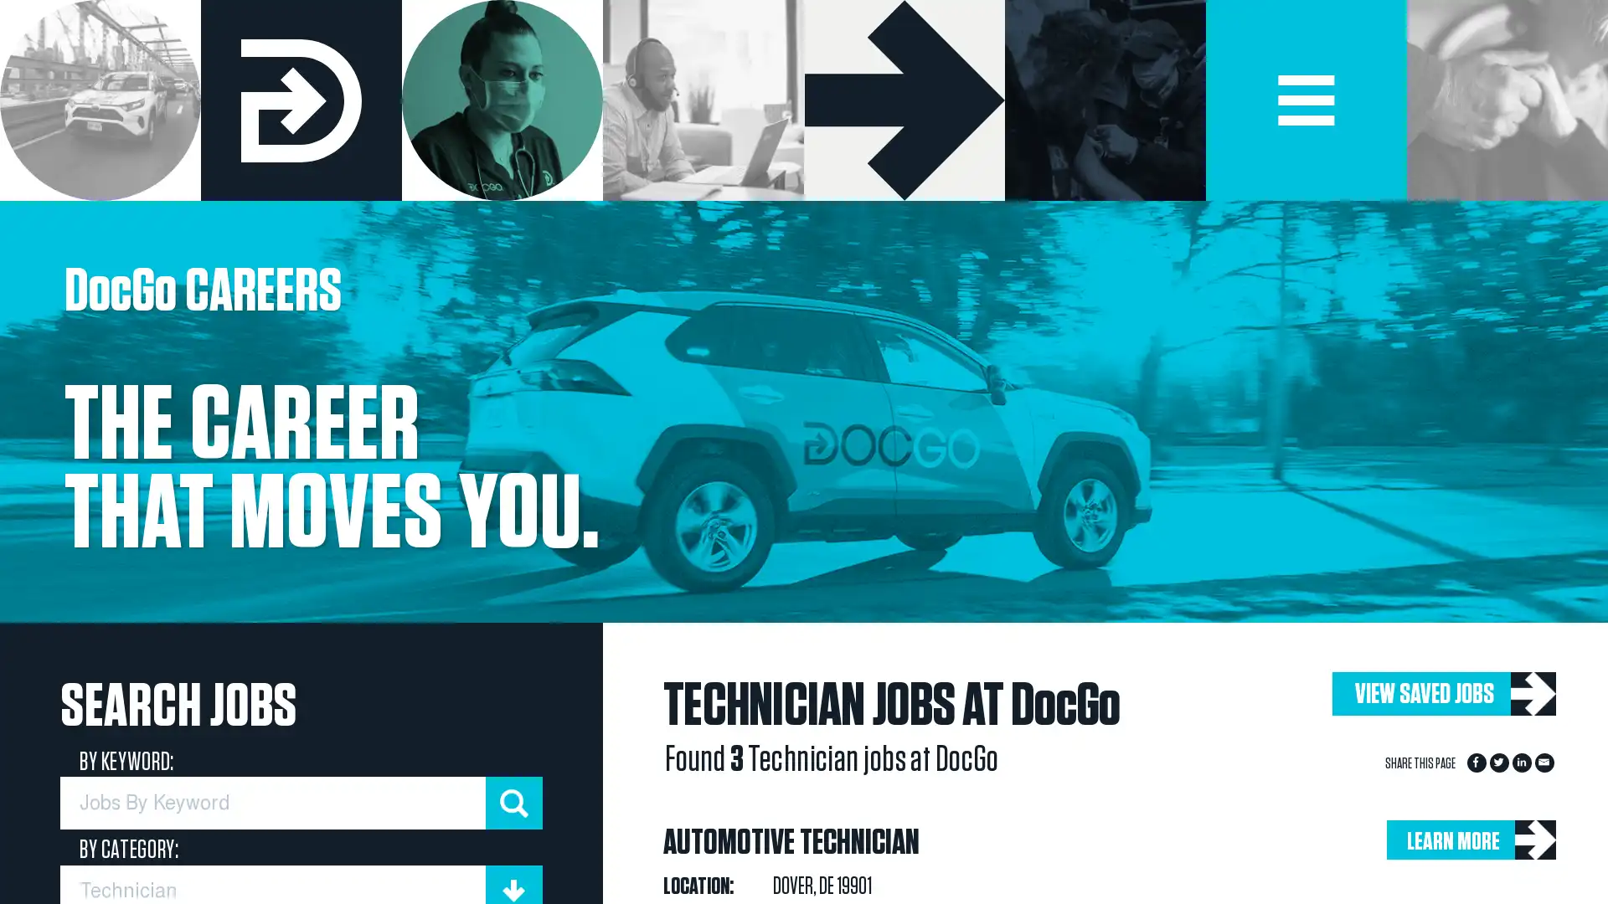  Describe the element at coordinates (1476, 762) in the screenshot. I see `Share to Facebook` at that location.